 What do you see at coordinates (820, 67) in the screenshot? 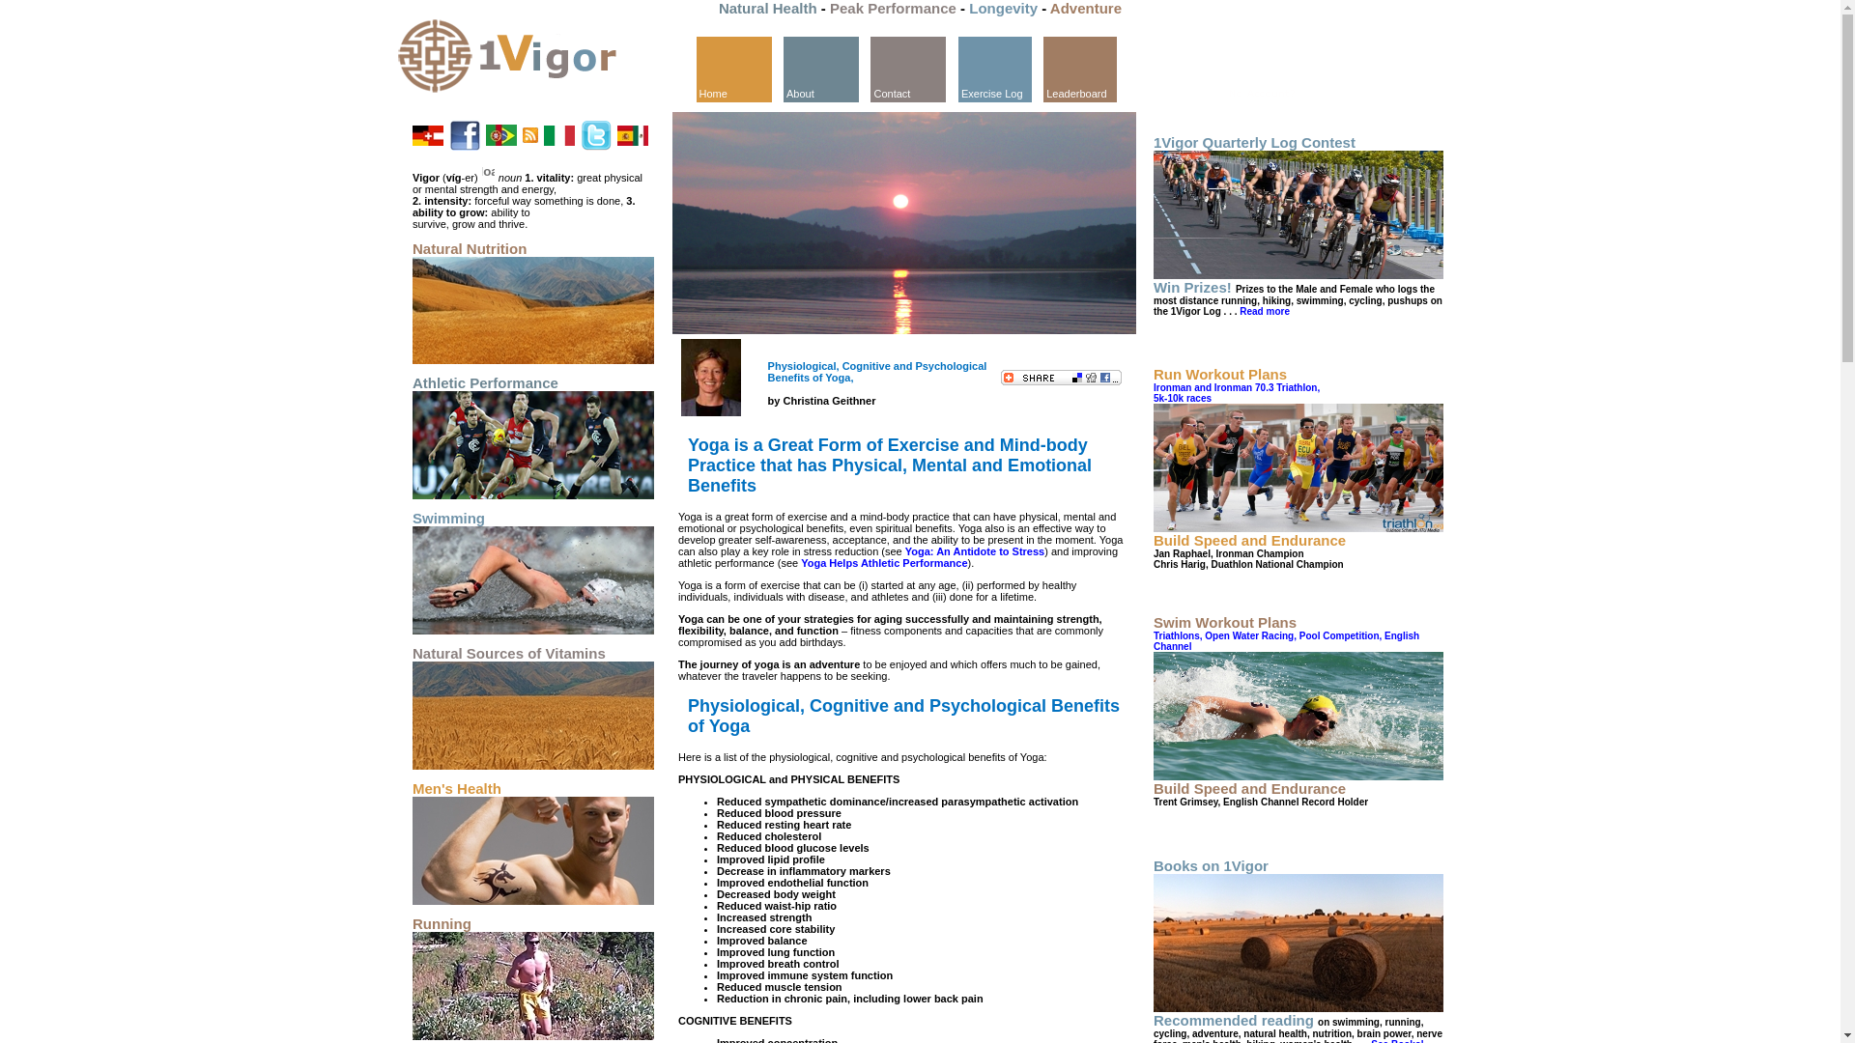
I see `'About'` at bounding box center [820, 67].